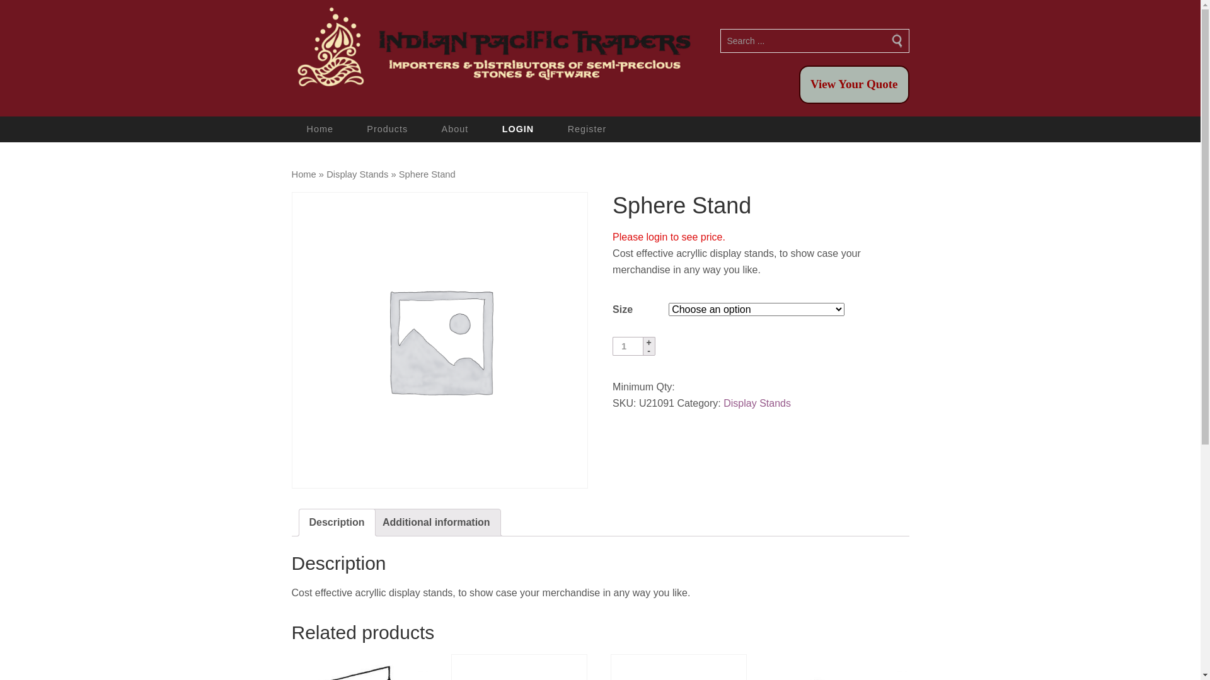  What do you see at coordinates (320, 129) in the screenshot?
I see `'Home'` at bounding box center [320, 129].